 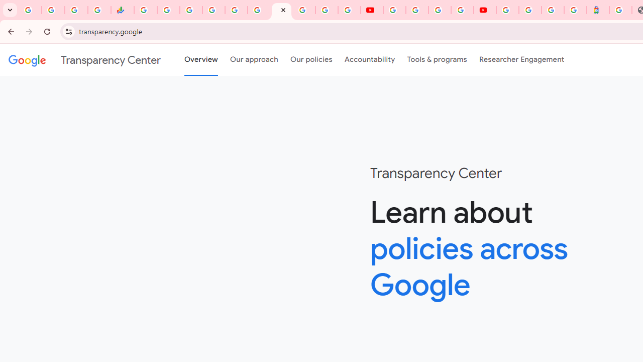 I want to click on 'Content Creator Programs & Opportunities - YouTube Creators', so click(x=485, y=10).